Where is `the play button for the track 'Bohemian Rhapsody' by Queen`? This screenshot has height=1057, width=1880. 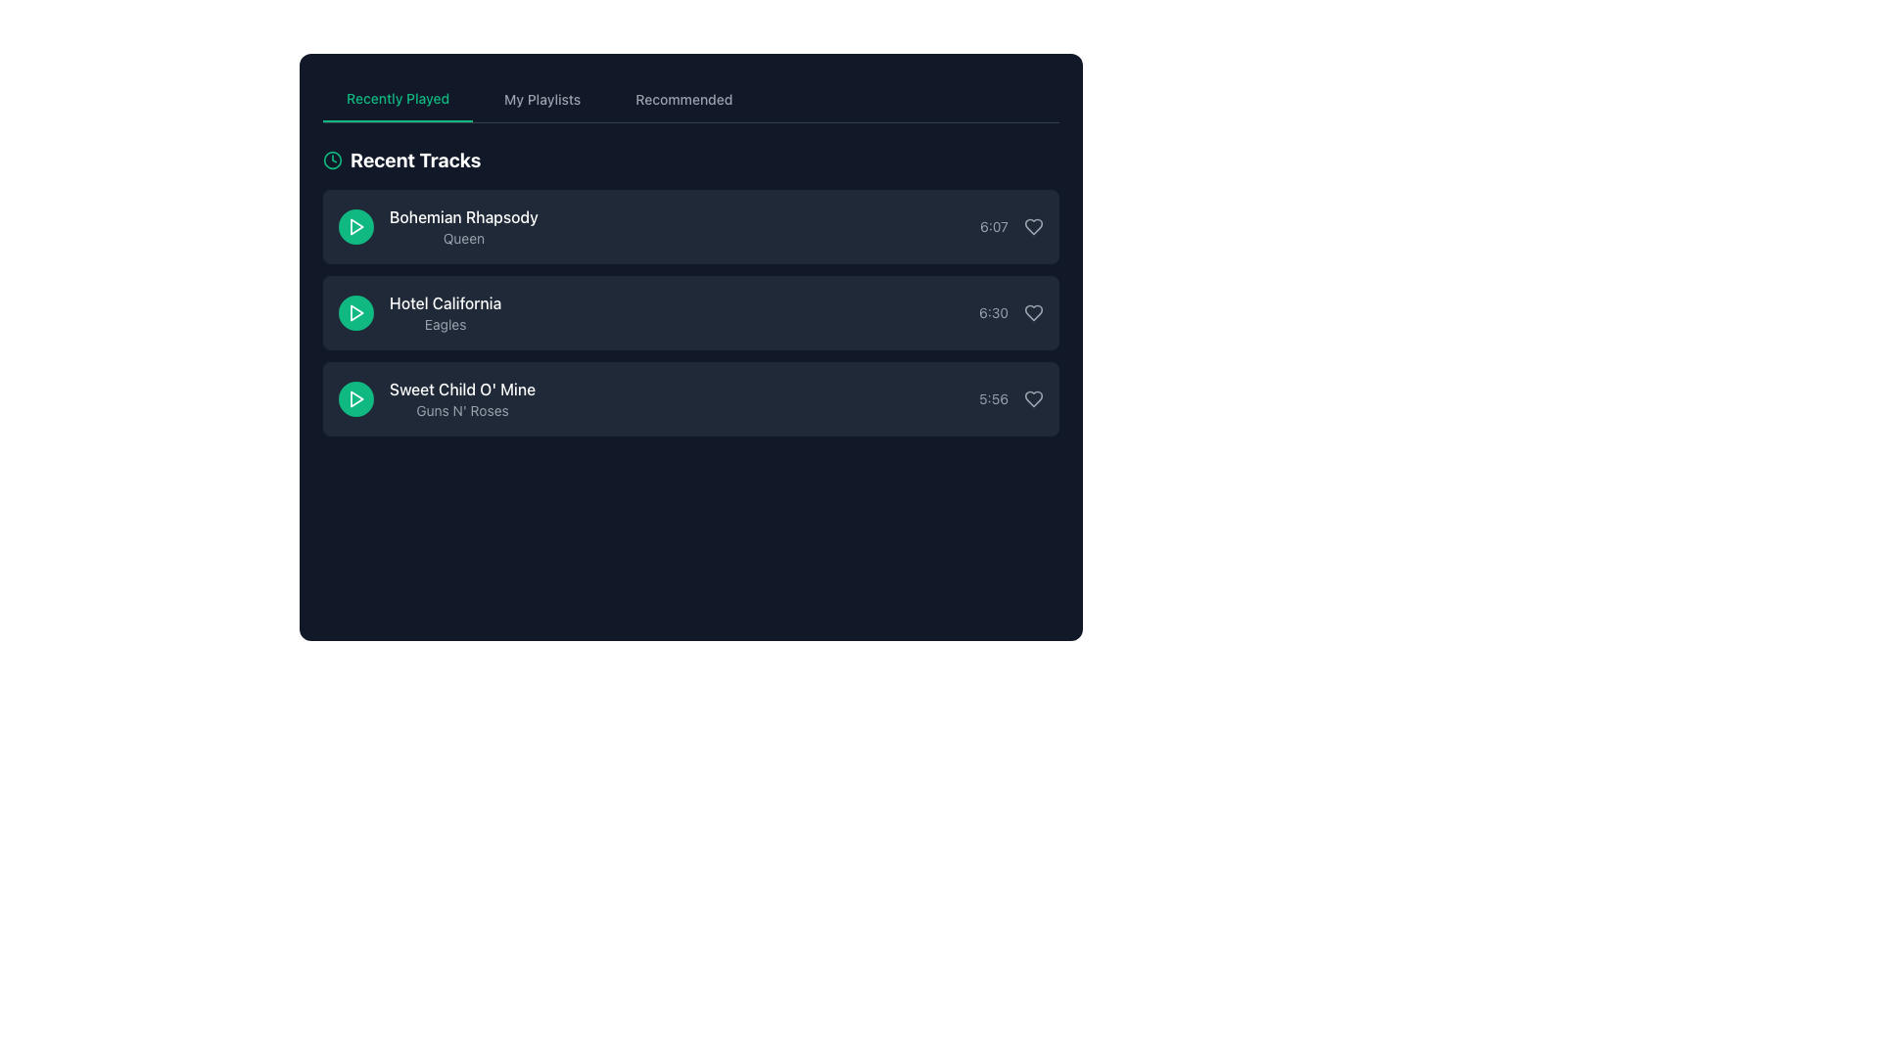
the play button for the track 'Bohemian Rhapsody' by Queen is located at coordinates (356, 225).